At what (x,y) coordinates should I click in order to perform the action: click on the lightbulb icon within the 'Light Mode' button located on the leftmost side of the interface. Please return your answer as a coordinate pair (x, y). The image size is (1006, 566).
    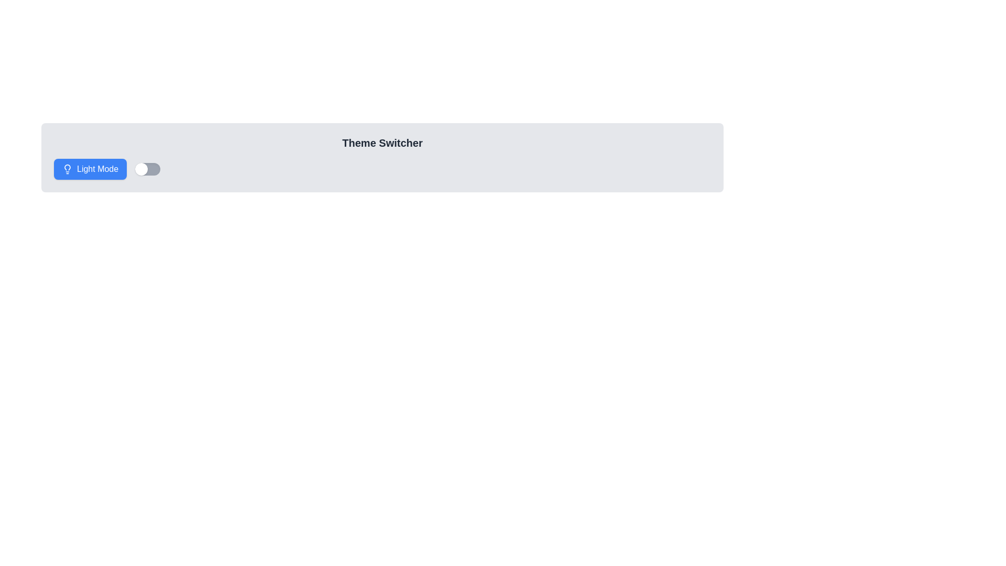
    Looking at the image, I should click on (67, 169).